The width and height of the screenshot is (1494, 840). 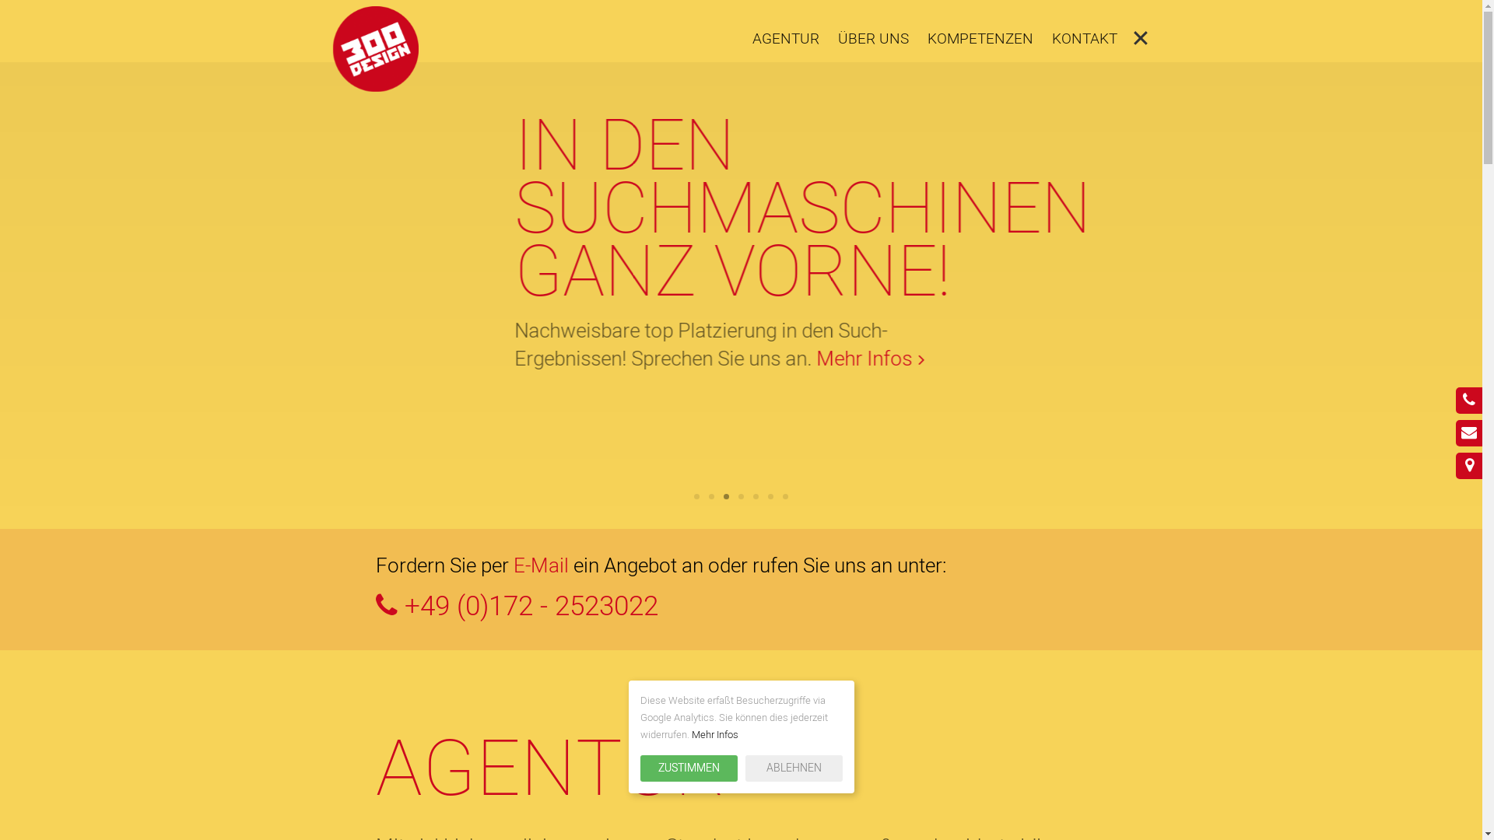 I want to click on '2', so click(x=708, y=496).